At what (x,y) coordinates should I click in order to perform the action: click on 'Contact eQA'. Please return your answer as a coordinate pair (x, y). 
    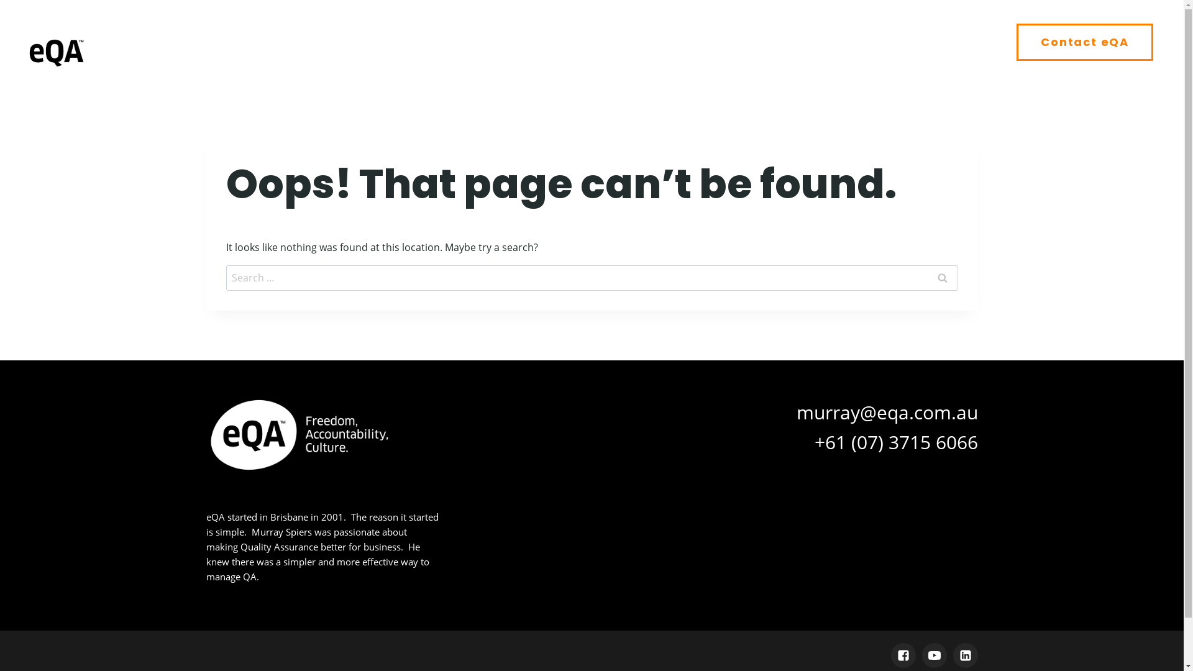
    Looking at the image, I should click on (1084, 42).